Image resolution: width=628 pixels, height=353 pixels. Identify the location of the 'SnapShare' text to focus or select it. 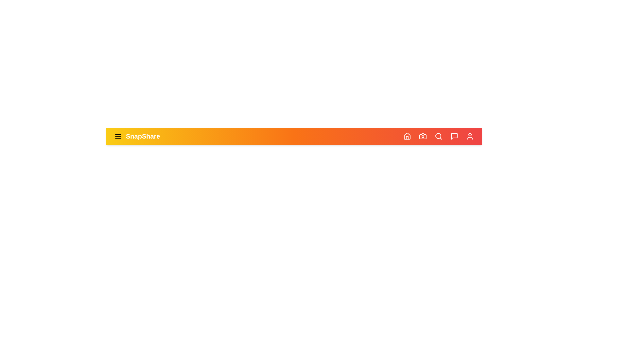
(142, 136).